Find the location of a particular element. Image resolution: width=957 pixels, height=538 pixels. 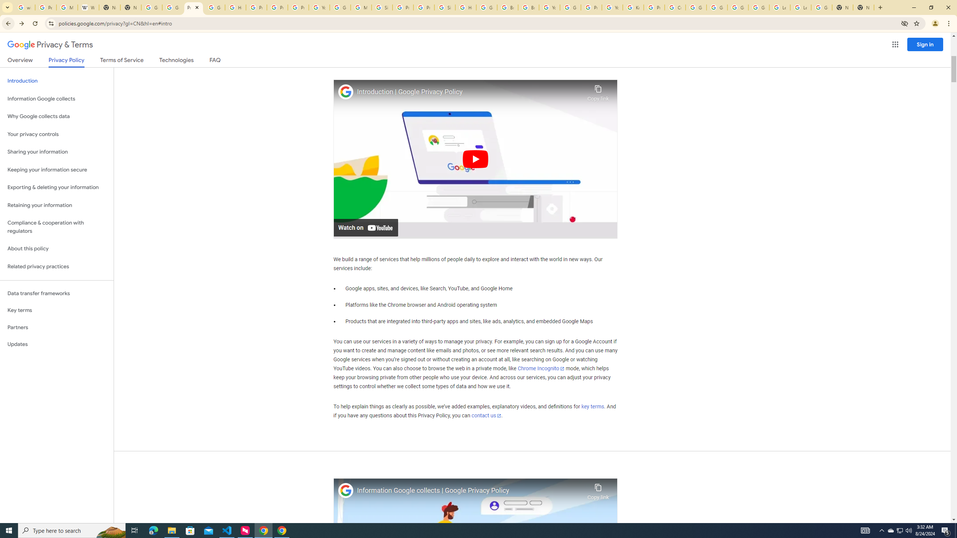

'Photo image of Google' is located at coordinates (346, 491).